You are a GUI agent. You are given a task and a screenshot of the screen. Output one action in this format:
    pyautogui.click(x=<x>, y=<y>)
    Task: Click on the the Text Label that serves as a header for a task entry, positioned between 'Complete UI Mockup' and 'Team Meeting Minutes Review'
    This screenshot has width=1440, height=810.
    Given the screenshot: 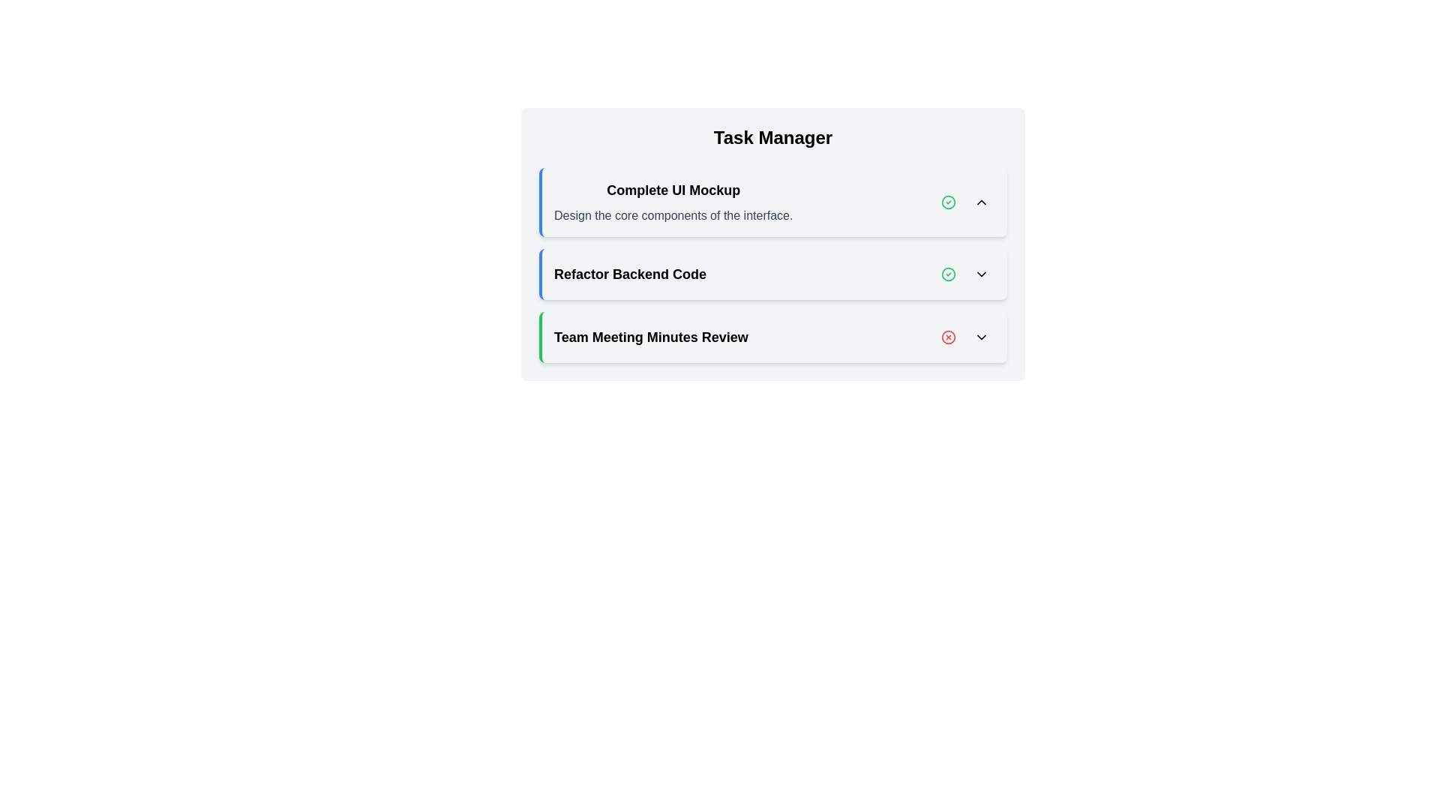 What is the action you would take?
    pyautogui.click(x=630, y=274)
    